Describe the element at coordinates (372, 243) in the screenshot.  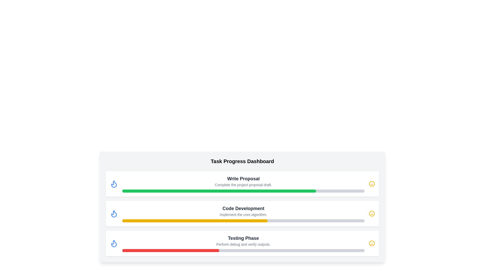
I see `the circular smiling face icon outlined in yellow, located to the right of the progress bar in the 'Testing Phase' section` at that location.